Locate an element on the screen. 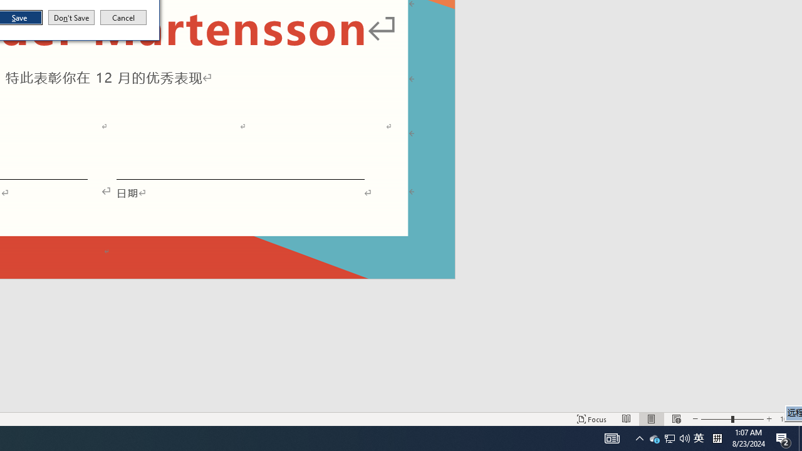 The width and height of the screenshot is (802, 451). 'Cancel' is located at coordinates (123, 18).